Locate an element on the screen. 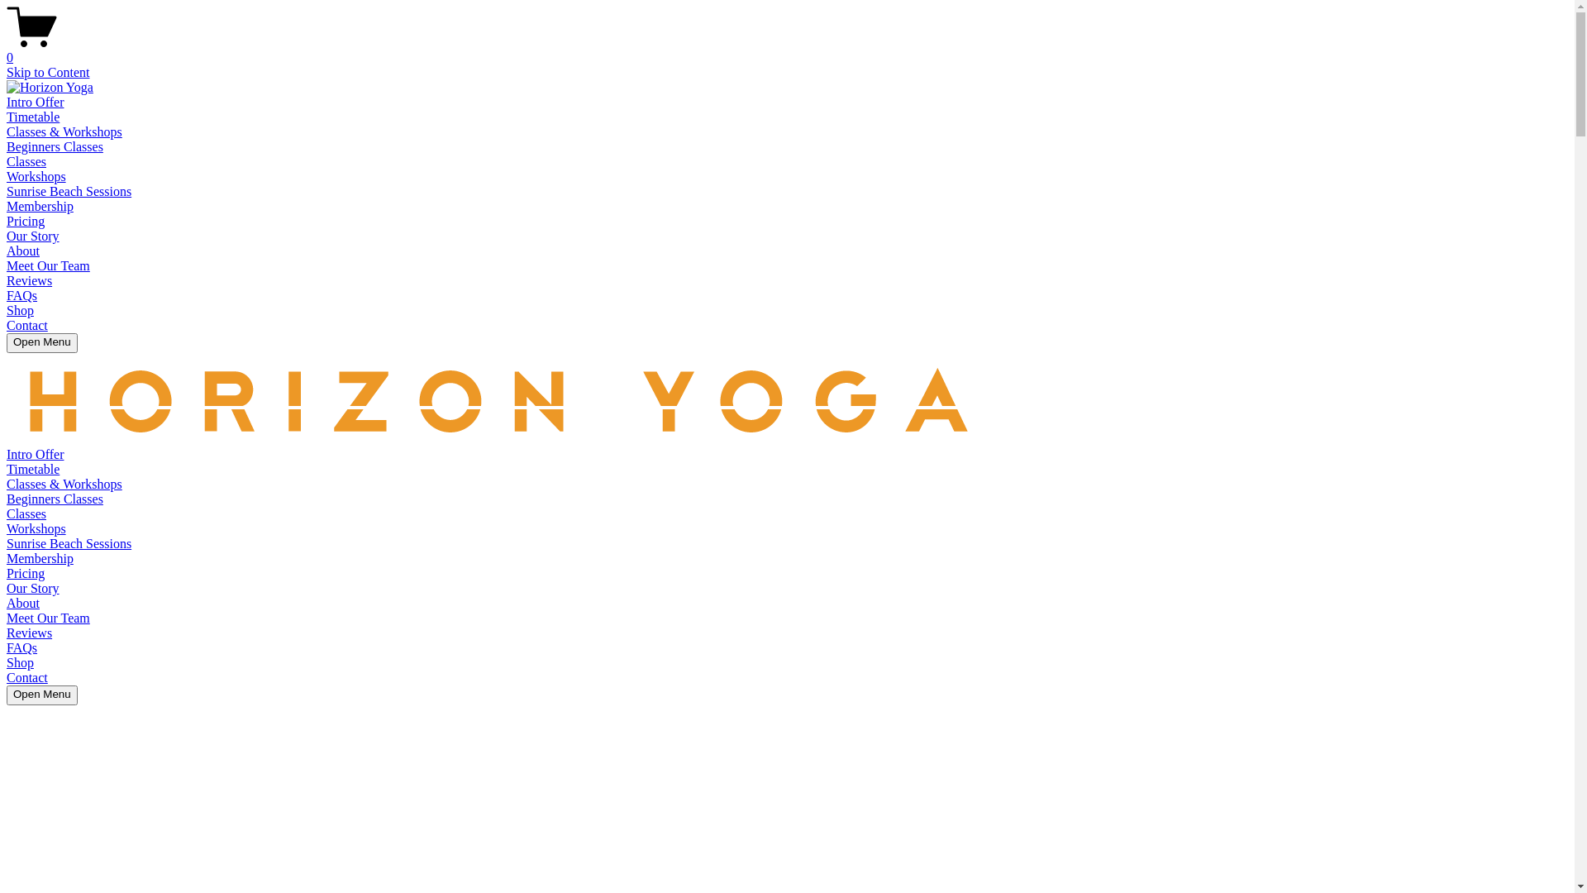 This screenshot has height=893, width=1587. 'Reviews' is located at coordinates (29, 633).